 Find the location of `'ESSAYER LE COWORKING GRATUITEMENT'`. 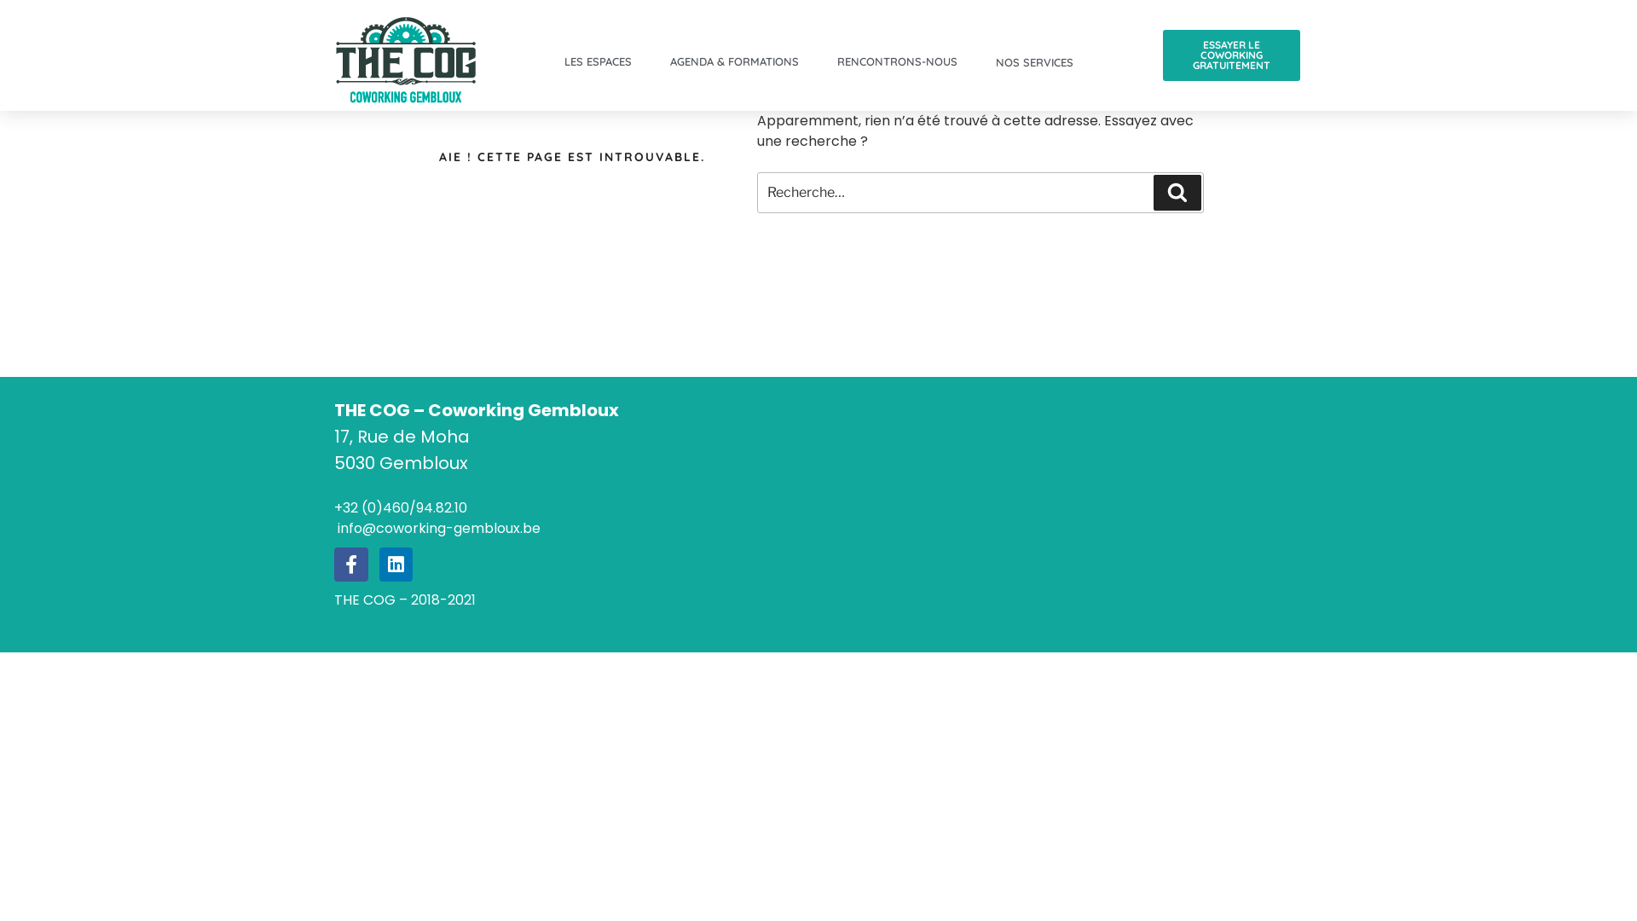

'ESSAYER LE COWORKING GRATUITEMENT' is located at coordinates (1161, 55).